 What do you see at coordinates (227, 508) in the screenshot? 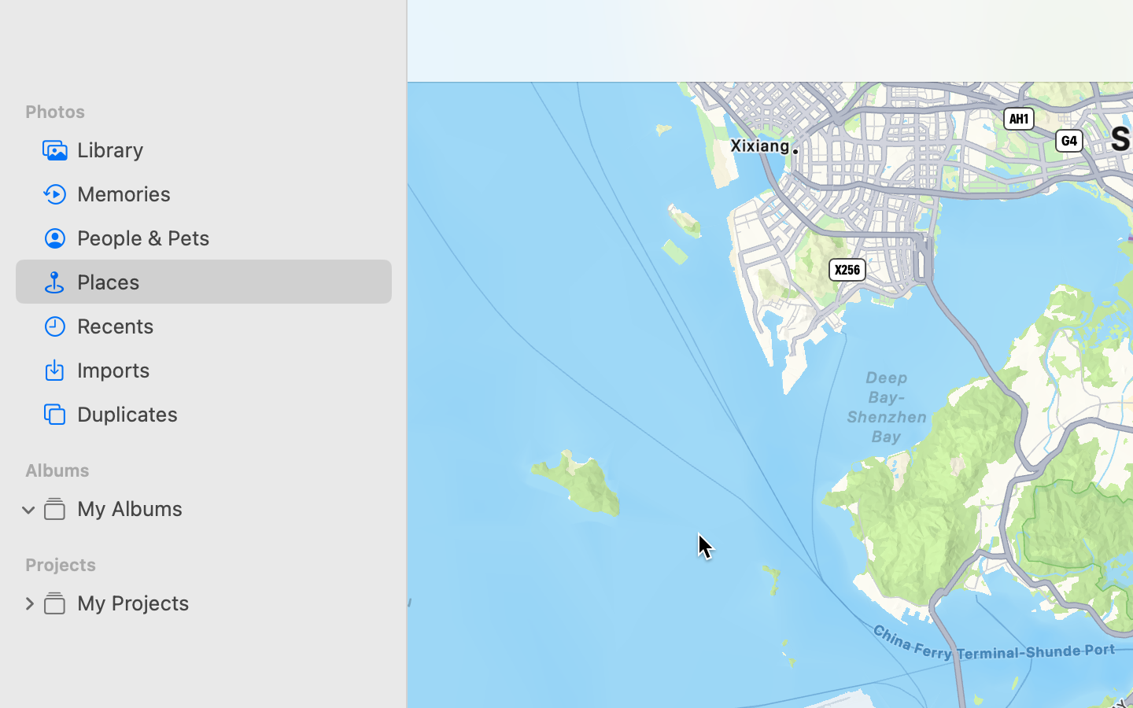
I see `'My Albums'` at bounding box center [227, 508].